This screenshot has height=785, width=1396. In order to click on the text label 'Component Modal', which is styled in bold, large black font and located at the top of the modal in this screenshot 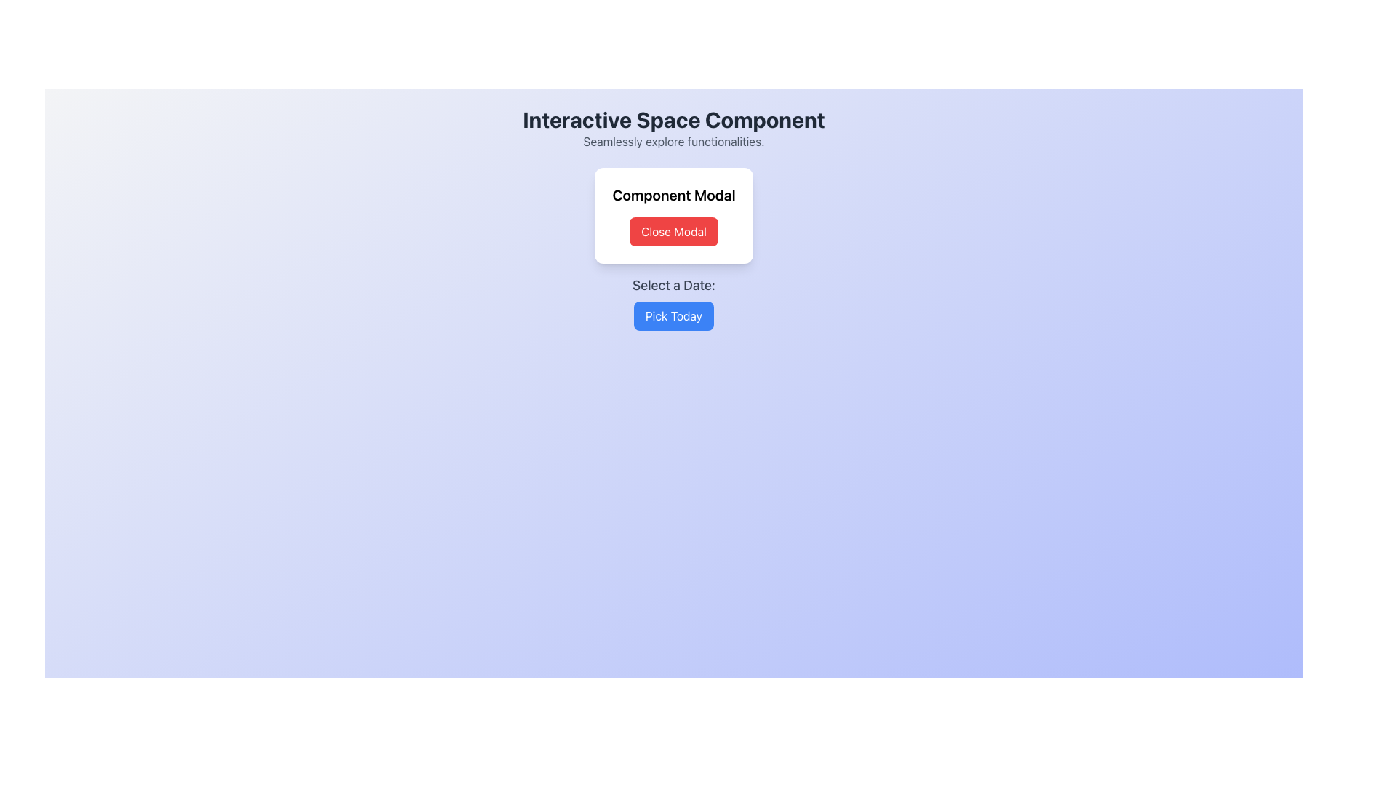, I will do `click(673, 195)`.